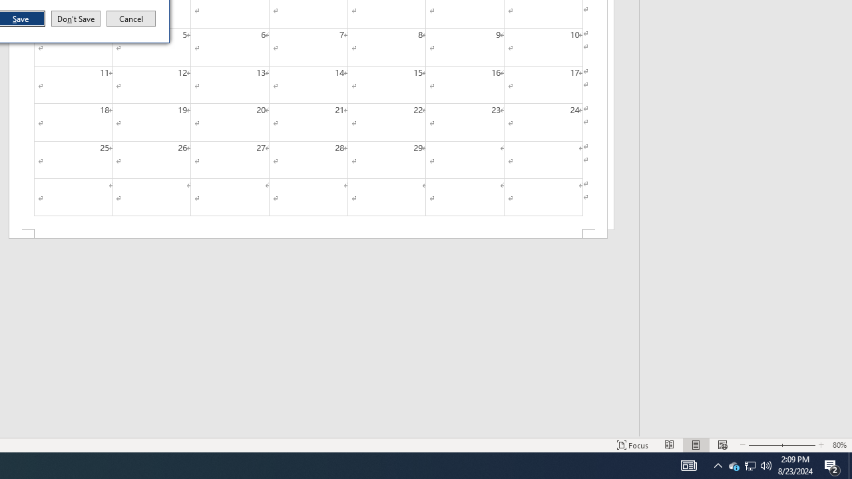 The width and height of the screenshot is (852, 479). Describe the element at coordinates (761, 445) in the screenshot. I see `'Zoom Out'` at that location.